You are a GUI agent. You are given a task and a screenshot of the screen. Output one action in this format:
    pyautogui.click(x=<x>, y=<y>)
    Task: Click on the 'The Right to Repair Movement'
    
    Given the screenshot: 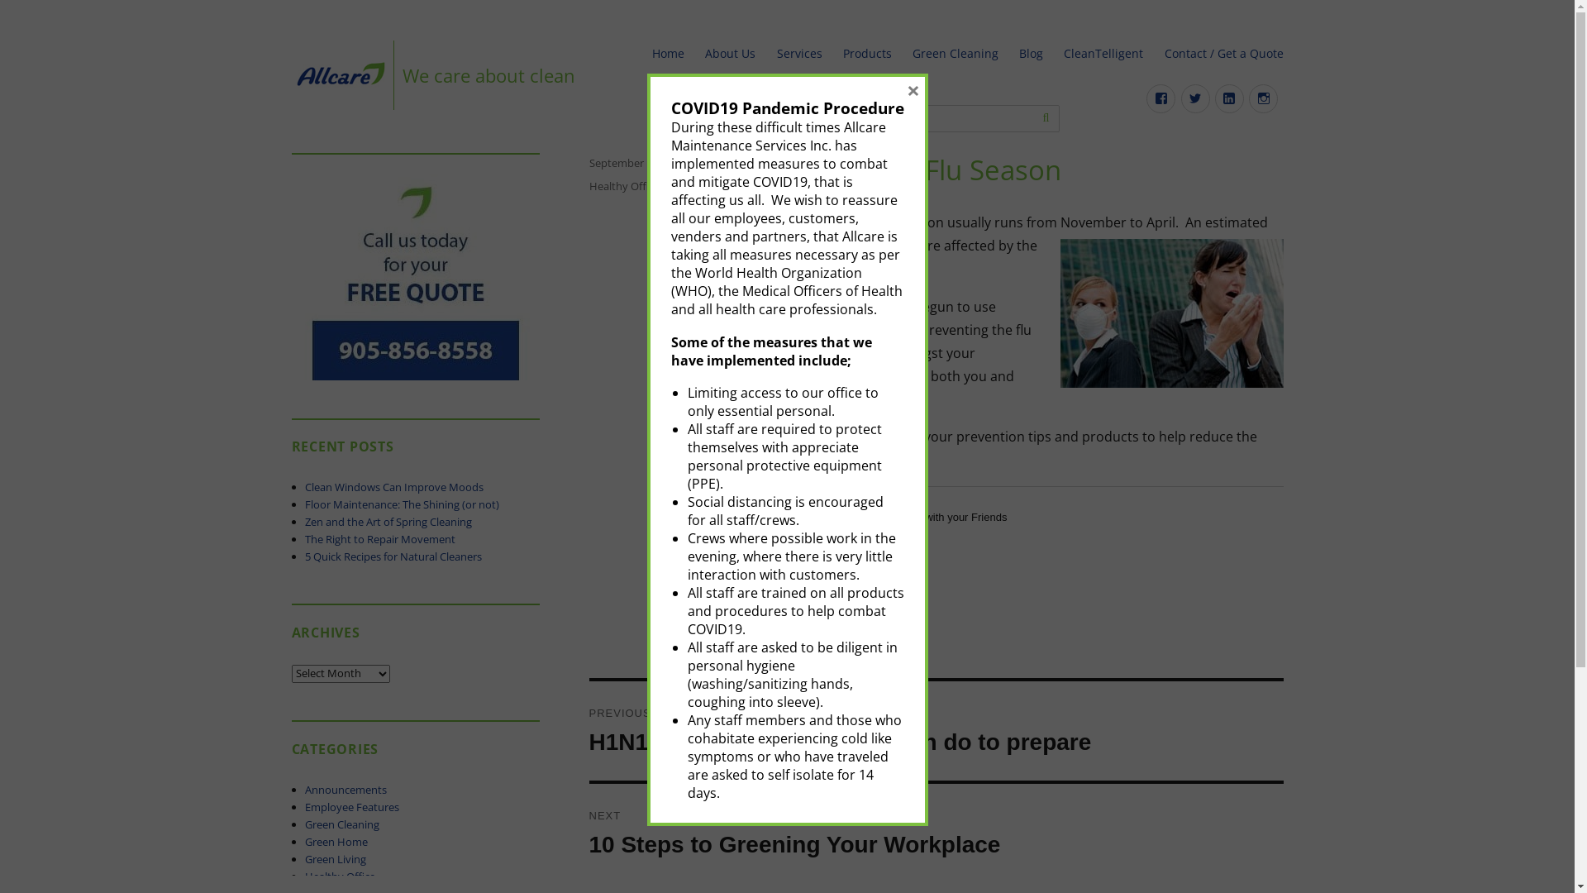 What is the action you would take?
    pyautogui.click(x=379, y=538)
    